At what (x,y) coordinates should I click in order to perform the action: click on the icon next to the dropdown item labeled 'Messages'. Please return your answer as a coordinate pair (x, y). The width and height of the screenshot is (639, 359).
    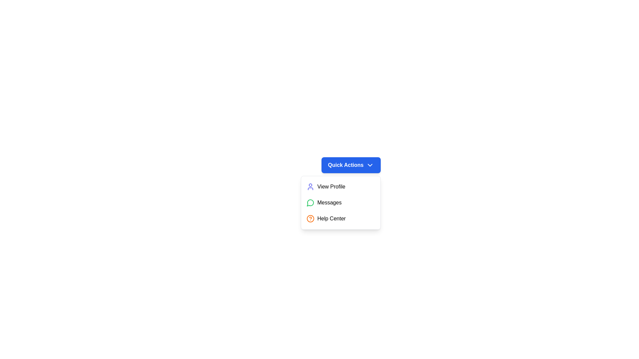
    Looking at the image, I should click on (310, 202).